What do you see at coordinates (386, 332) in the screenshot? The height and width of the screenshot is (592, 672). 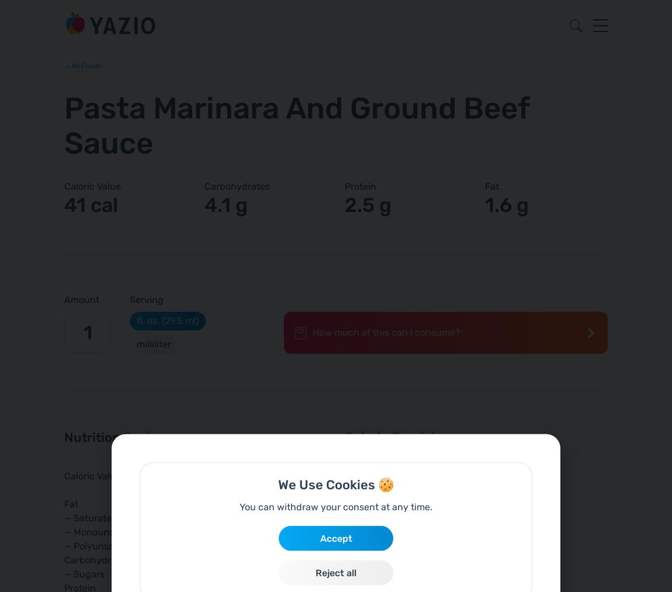 I see `'How much of this can I consume?'` at bounding box center [386, 332].